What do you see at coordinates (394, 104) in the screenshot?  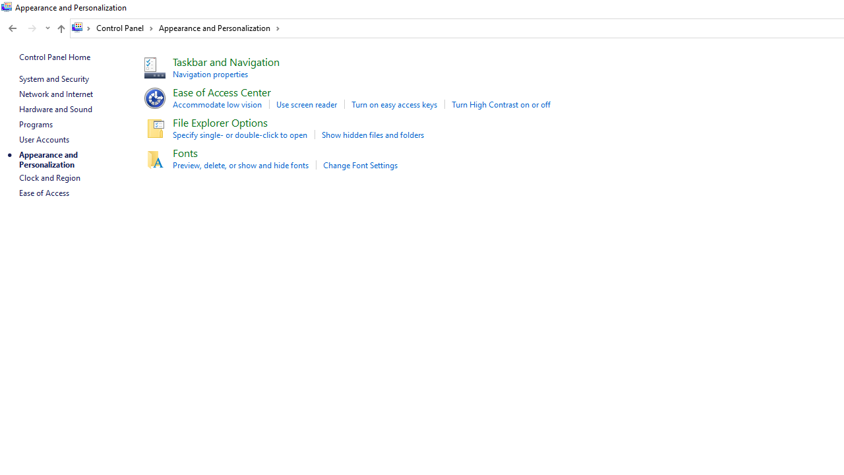 I see `'Turn on easy access keys'` at bounding box center [394, 104].